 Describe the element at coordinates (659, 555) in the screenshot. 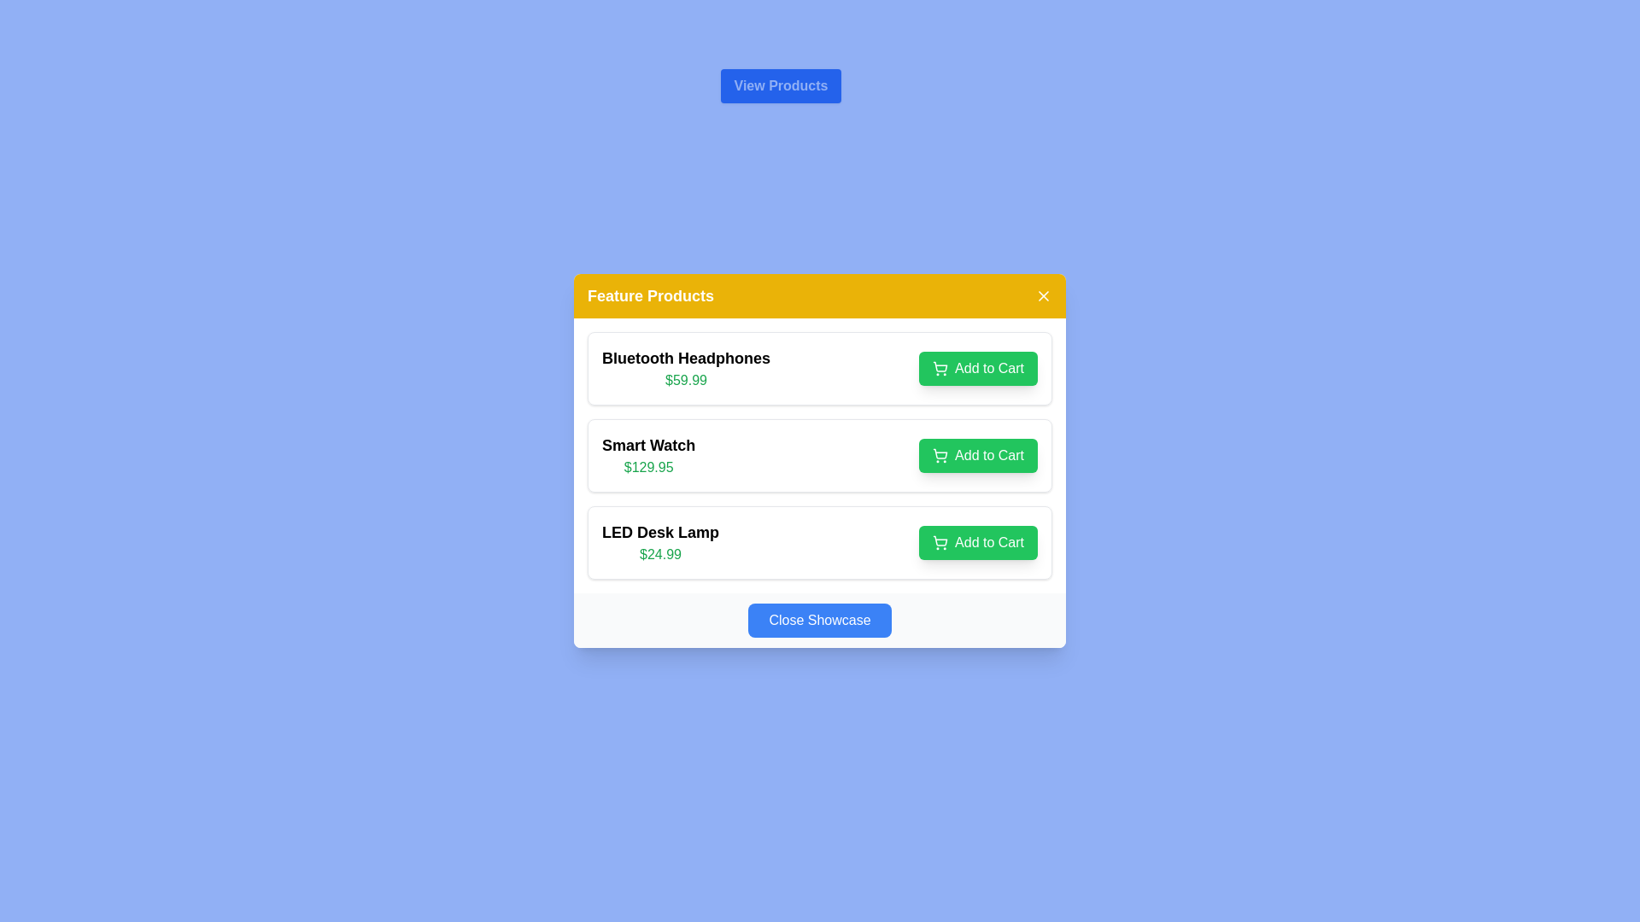

I see `displayed price from the text label showing "$24.99" in green color, located below the product name "LED Desk Lamp" in the product listing` at that location.